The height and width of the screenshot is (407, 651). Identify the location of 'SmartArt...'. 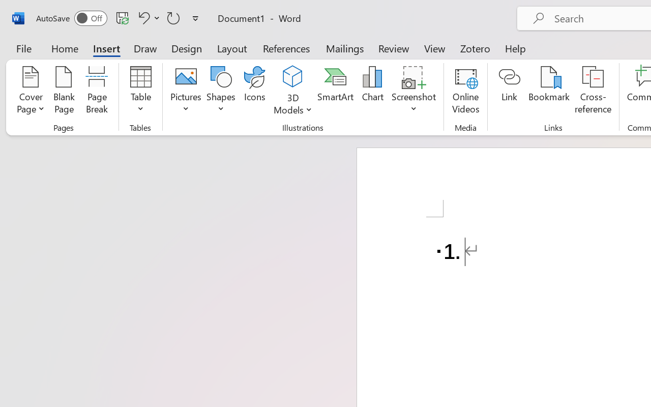
(335, 91).